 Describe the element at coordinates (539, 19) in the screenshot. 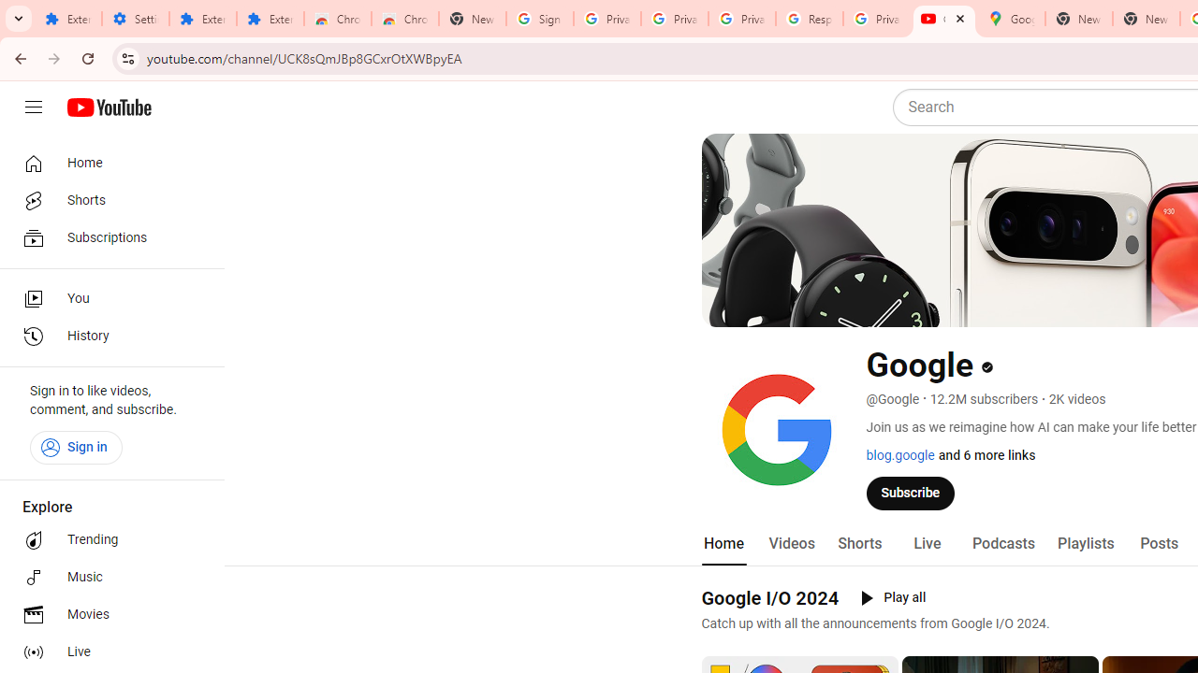

I see `'Sign in - Google Accounts'` at that location.